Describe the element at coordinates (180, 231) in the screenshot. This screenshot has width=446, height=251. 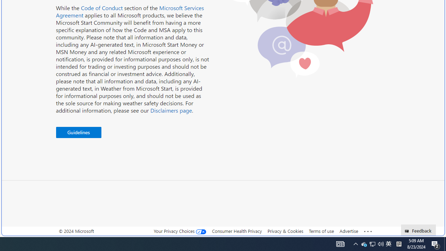
I see `'Your Privacy Choices'` at that location.